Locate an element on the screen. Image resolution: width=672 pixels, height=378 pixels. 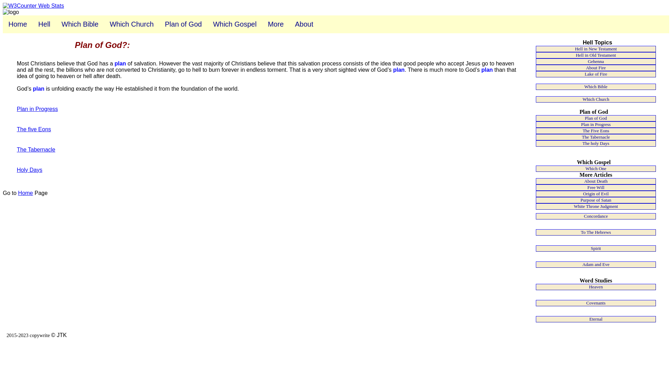
'Which Church' is located at coordinates (595, 99).